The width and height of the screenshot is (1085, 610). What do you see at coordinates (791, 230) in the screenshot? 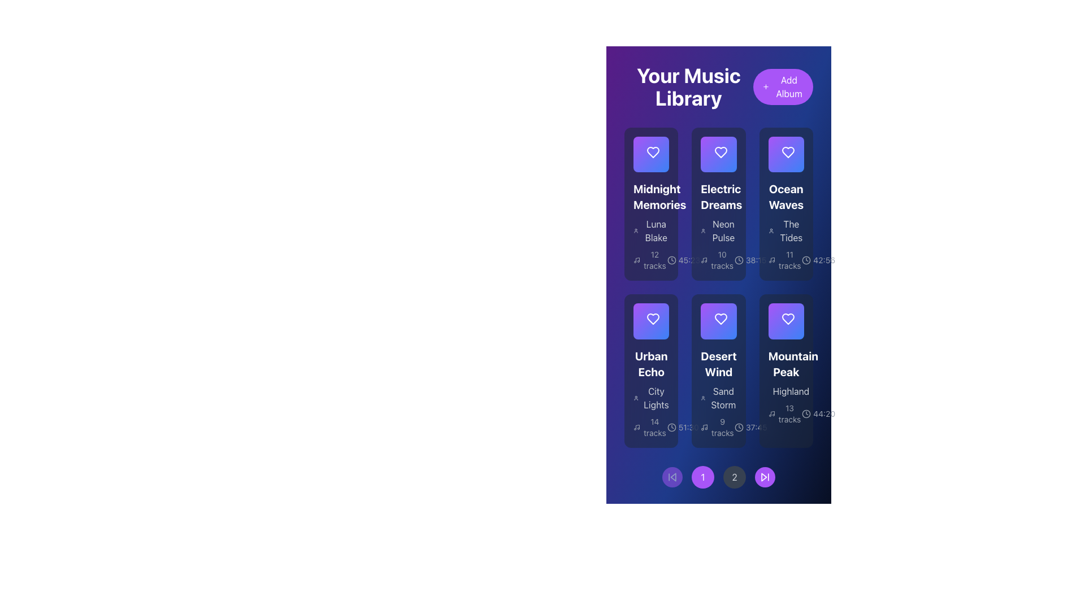
I see `the text label displaying 'The Tides' in bold white typeface located within the 'Ocean Waves' card, which is in the top row, third column of the visible grid of albums` at bounding box center [791, 230].